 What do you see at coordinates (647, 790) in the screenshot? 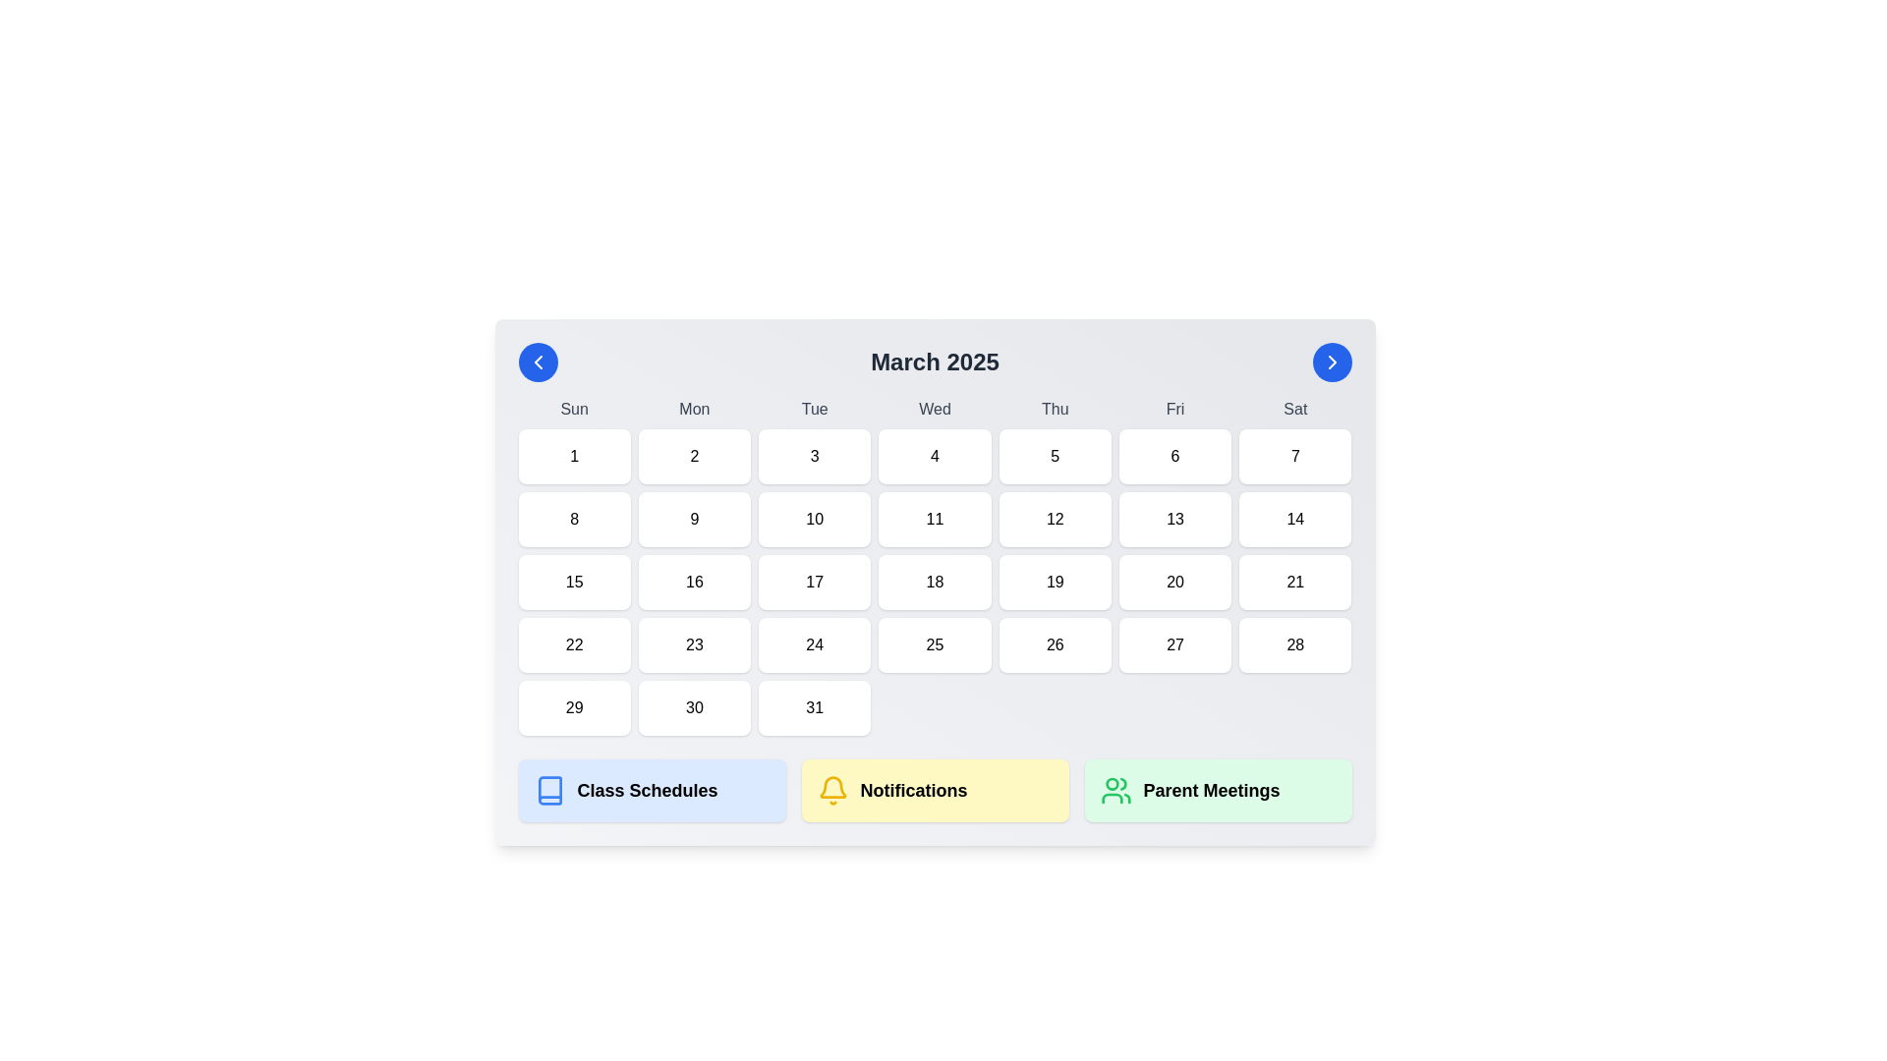
I see `the text label that reads 'Class Schedules', which is part of a light blue tile located in the bottom left section of the interface, next to the 'Notifications' tile` at bounding box center [647, 790].